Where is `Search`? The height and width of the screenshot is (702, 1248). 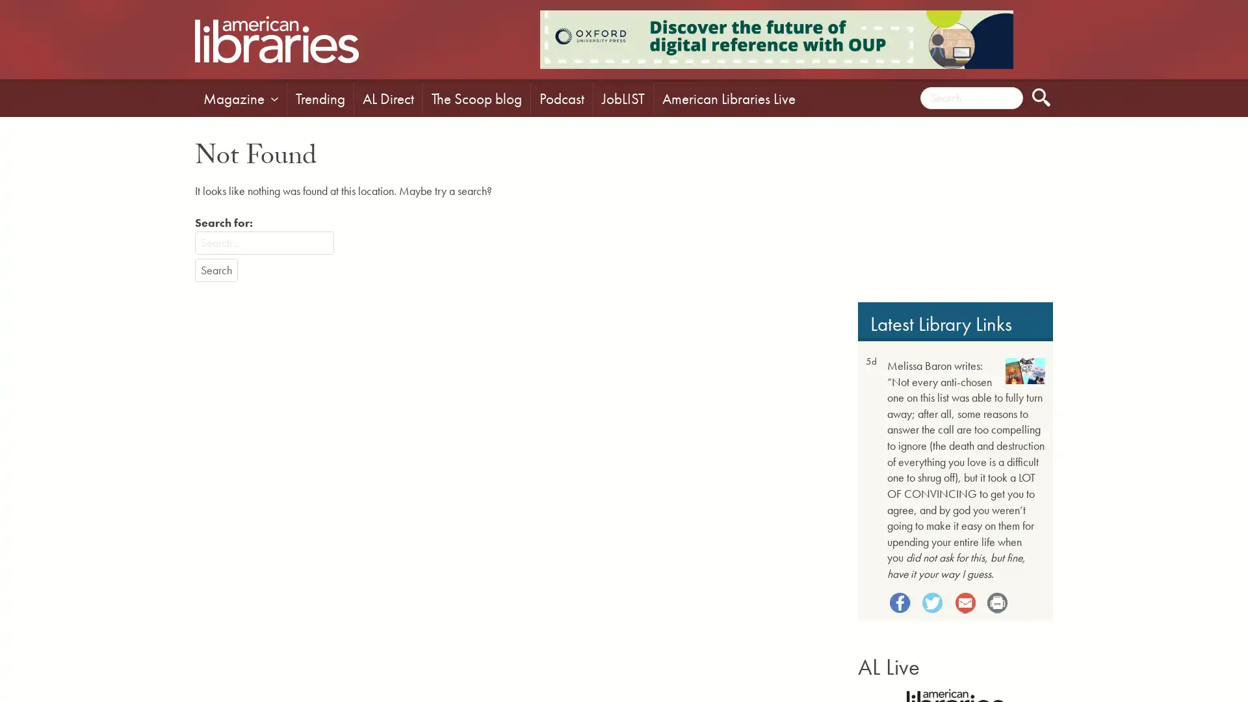
Search is located at coordinates (216, 270).